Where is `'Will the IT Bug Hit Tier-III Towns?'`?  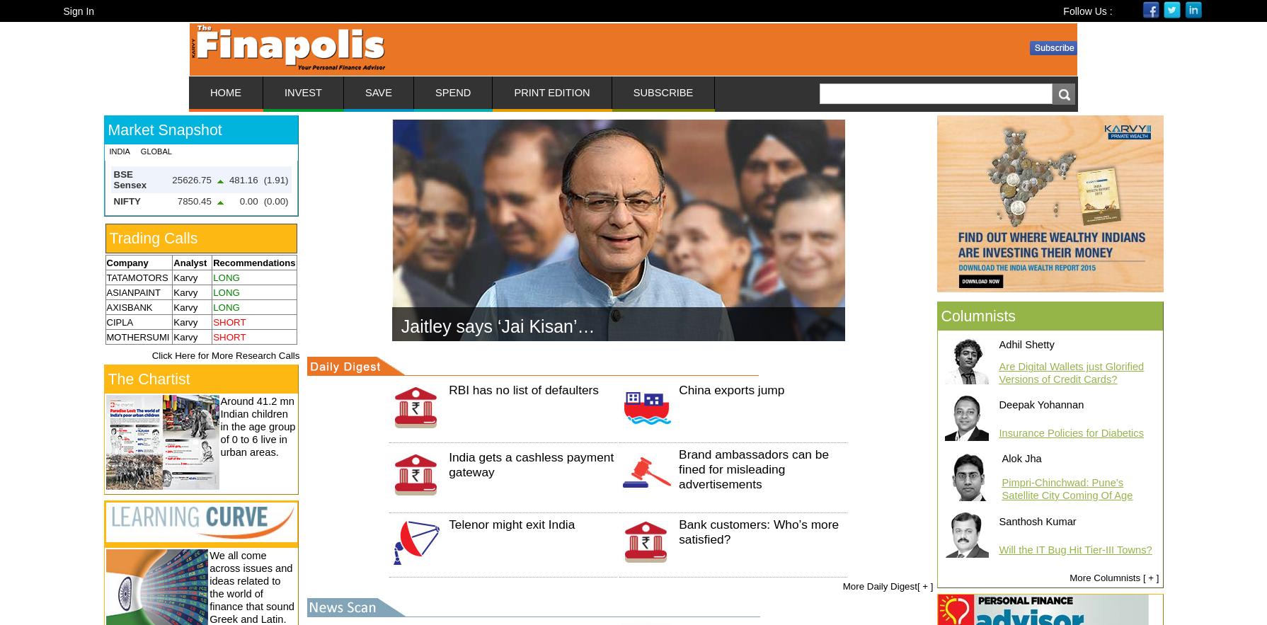 'Will the IT Bug Hit Tier-III Towns?' is located at coordinates (1074, 550).